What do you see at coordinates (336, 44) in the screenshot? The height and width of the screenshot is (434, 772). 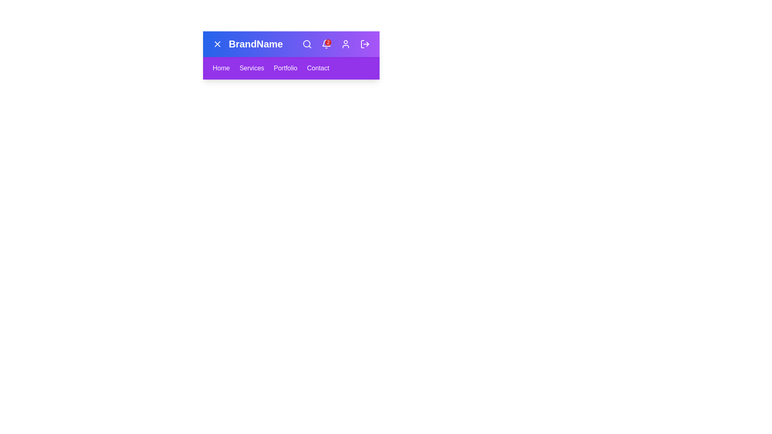 I see `the interactive notification icon displaying a notification count '2' in white text on a red circular background` at bounding box center [336, 44].